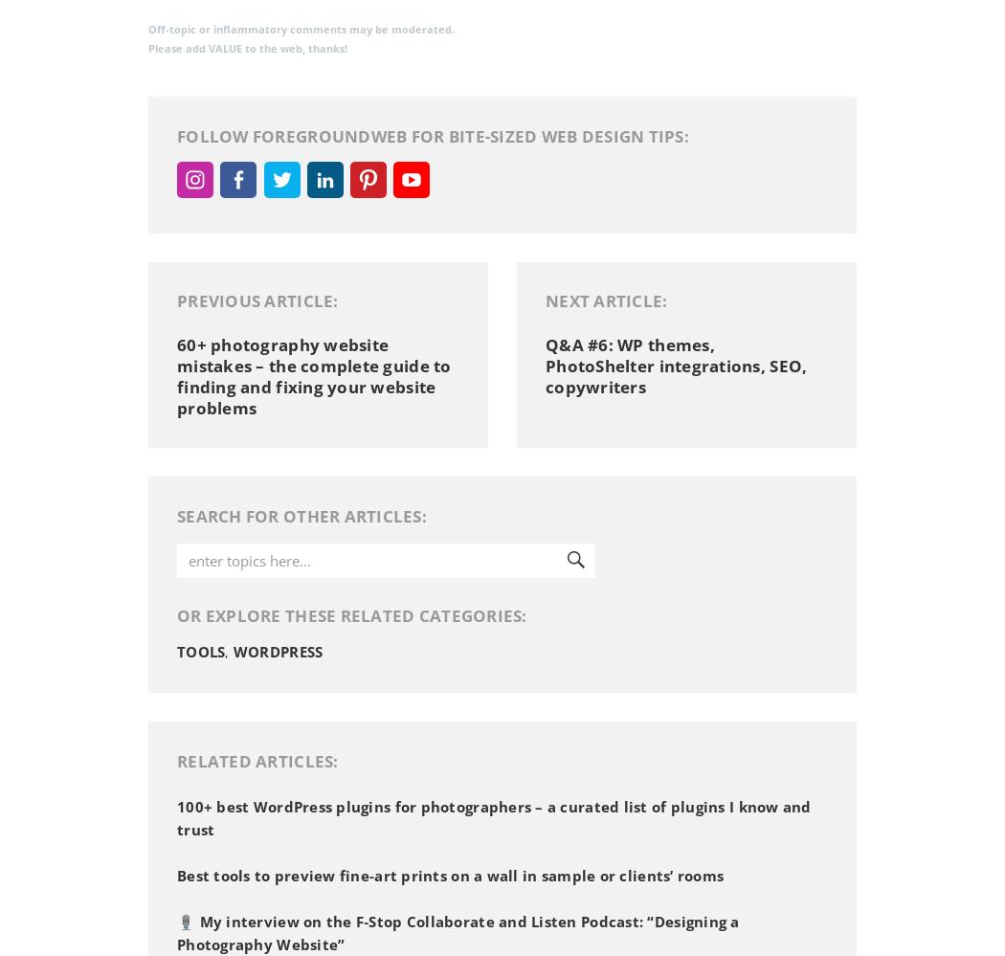 The height and width of the screenshot is (956, 1005). Describe the element at coordinates (177, 614) in the screenshot. I see `'Or explore these related categories:'` at that location.